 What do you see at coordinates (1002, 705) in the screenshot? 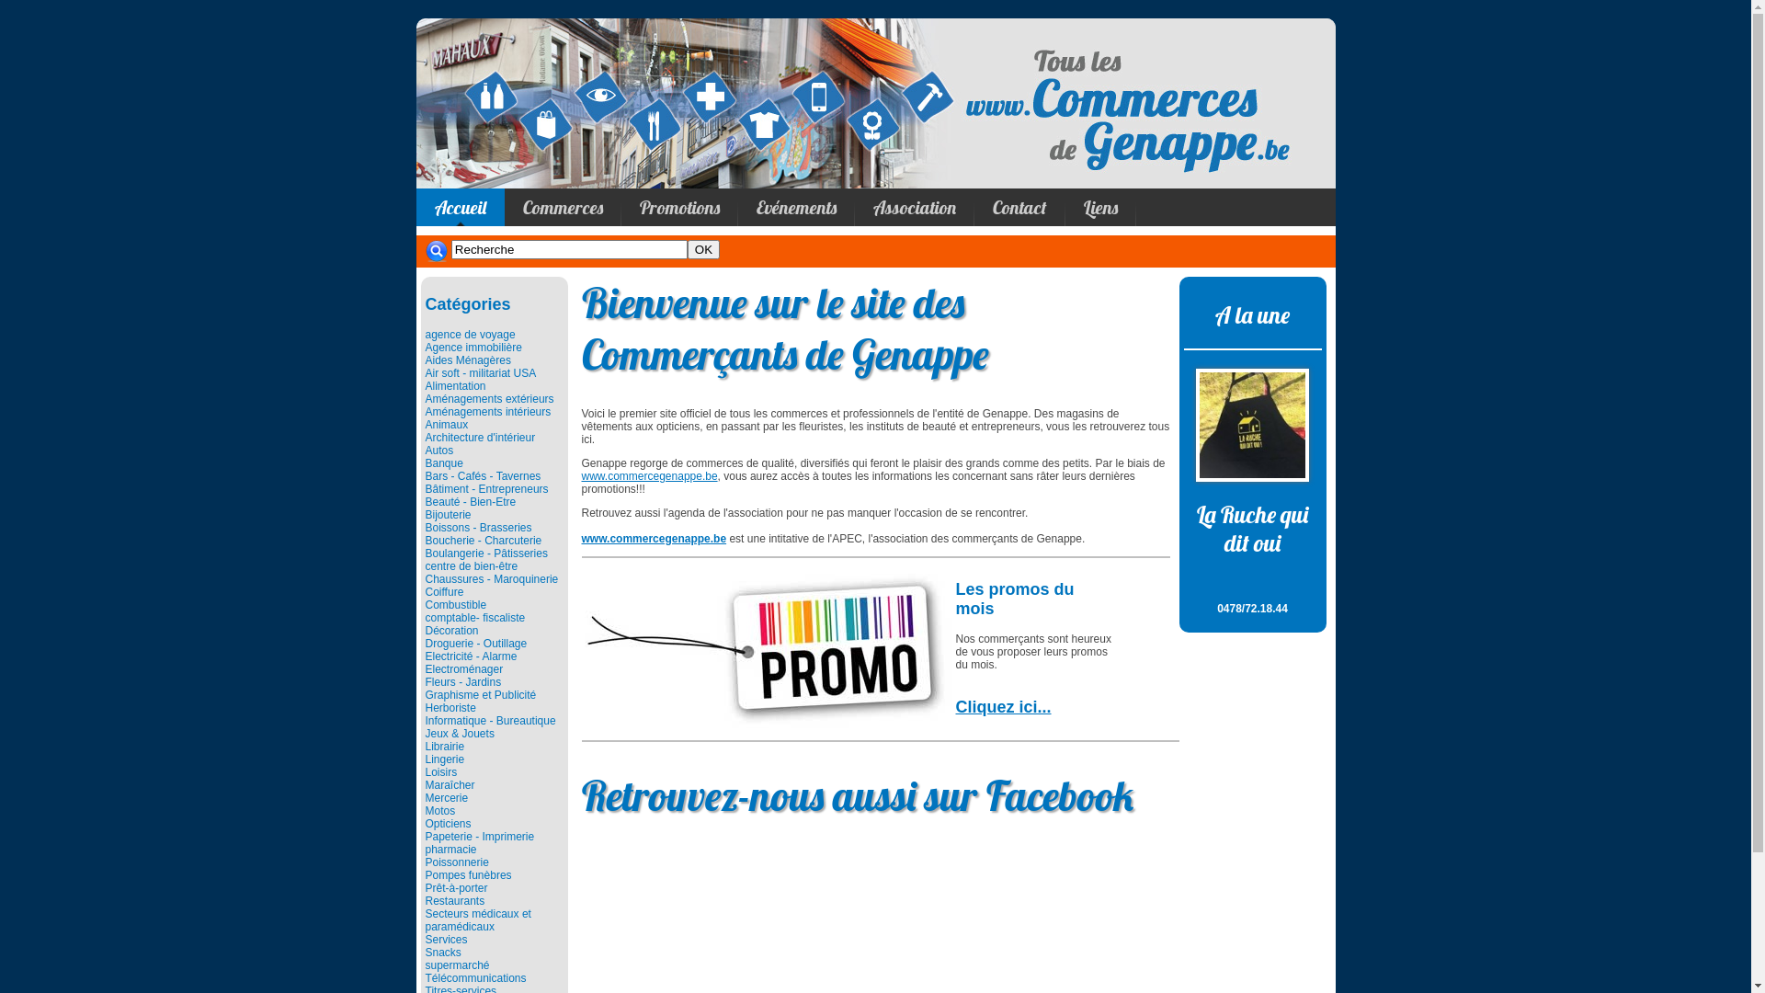
I see `'Cliquez ici...'` at bounding box center [1002, 705].